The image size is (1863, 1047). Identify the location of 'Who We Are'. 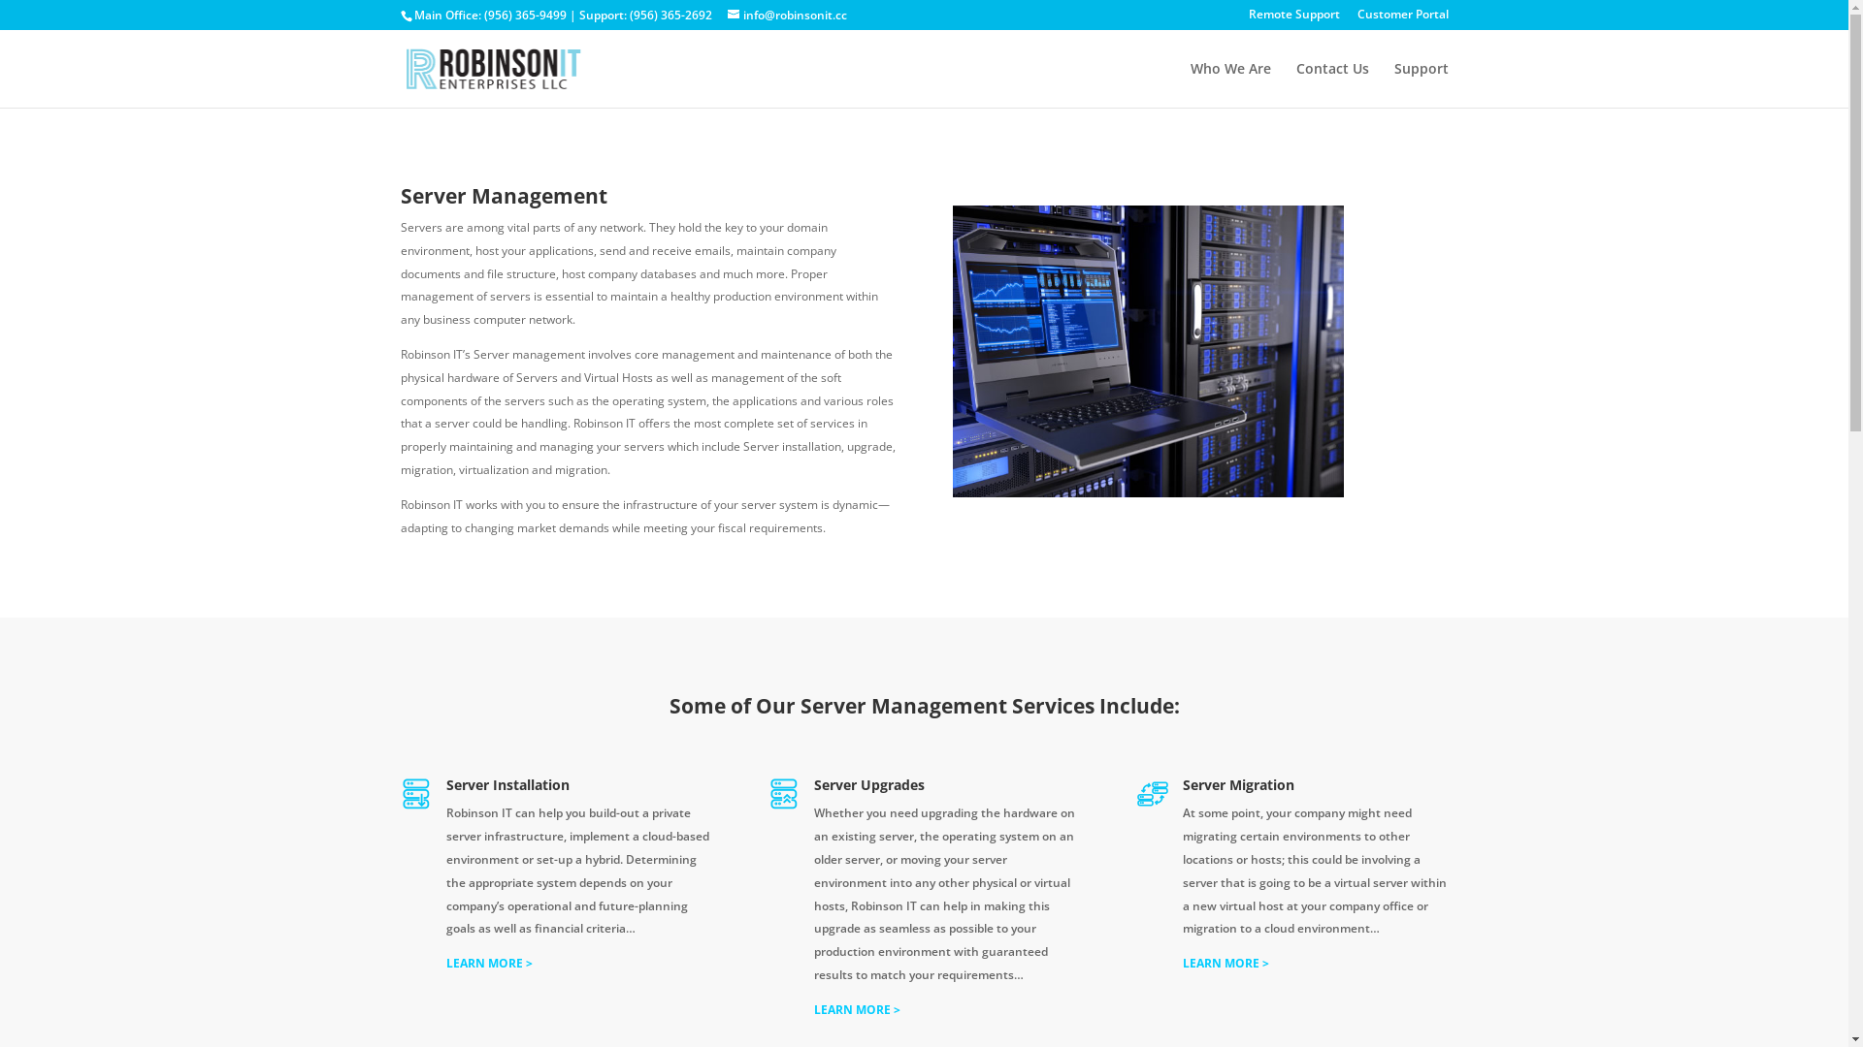
(1188, 83).